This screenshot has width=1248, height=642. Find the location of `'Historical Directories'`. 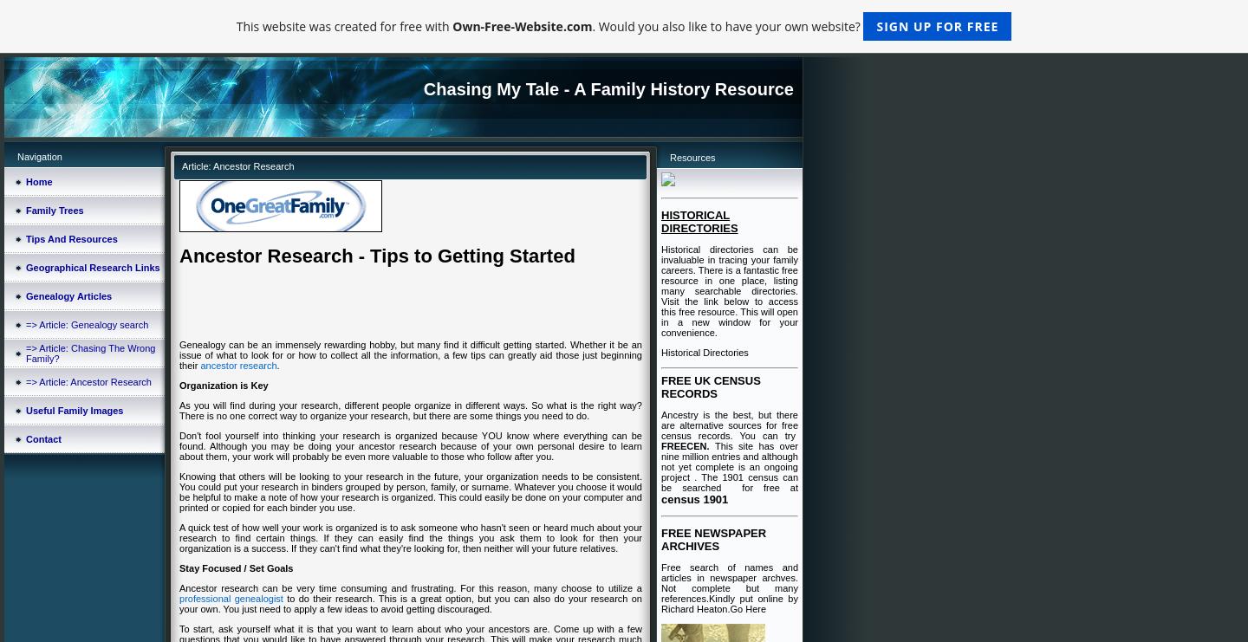

'Historical Directories' is located at coordinates (660, 352).